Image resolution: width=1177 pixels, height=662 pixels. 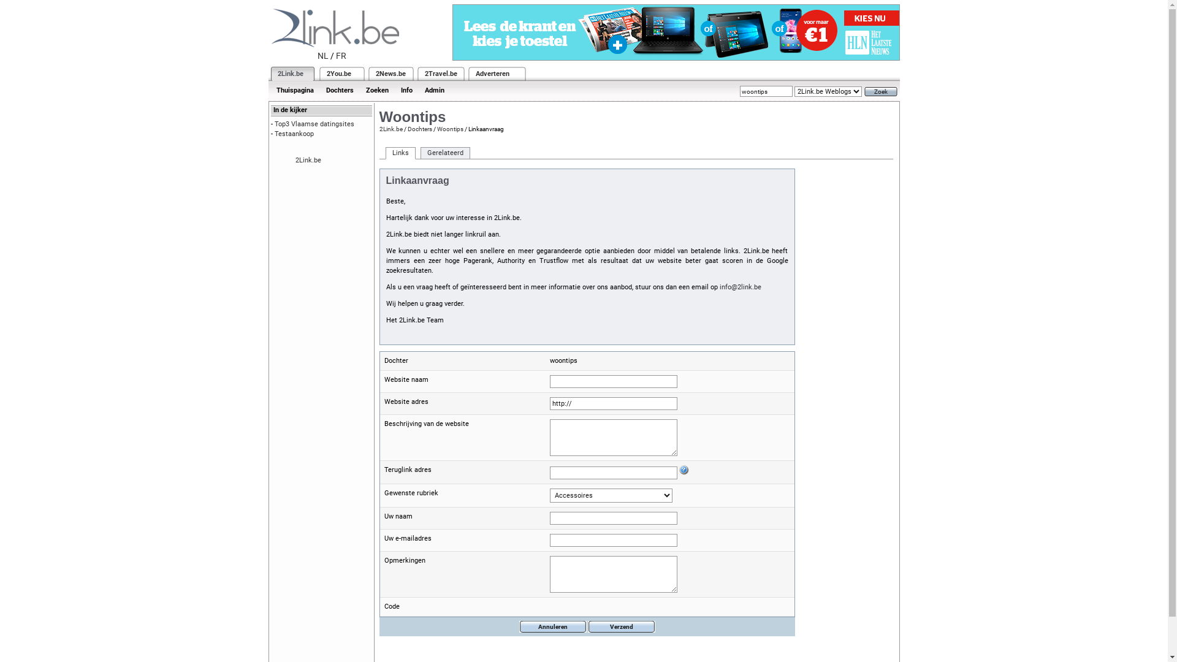 I want to click on 'Info', so click(x=406, y=89).